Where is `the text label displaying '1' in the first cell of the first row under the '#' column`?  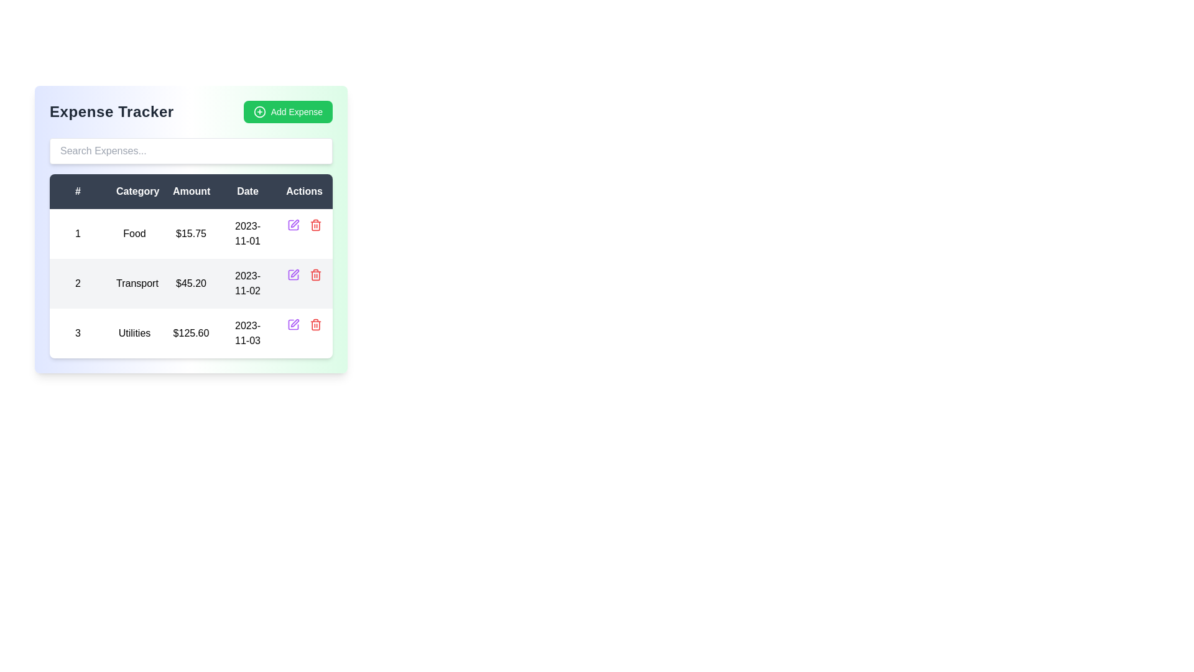
the text label displaying '1' in the first cell of the first row under the '#' column is located at coordinates (77, 233).